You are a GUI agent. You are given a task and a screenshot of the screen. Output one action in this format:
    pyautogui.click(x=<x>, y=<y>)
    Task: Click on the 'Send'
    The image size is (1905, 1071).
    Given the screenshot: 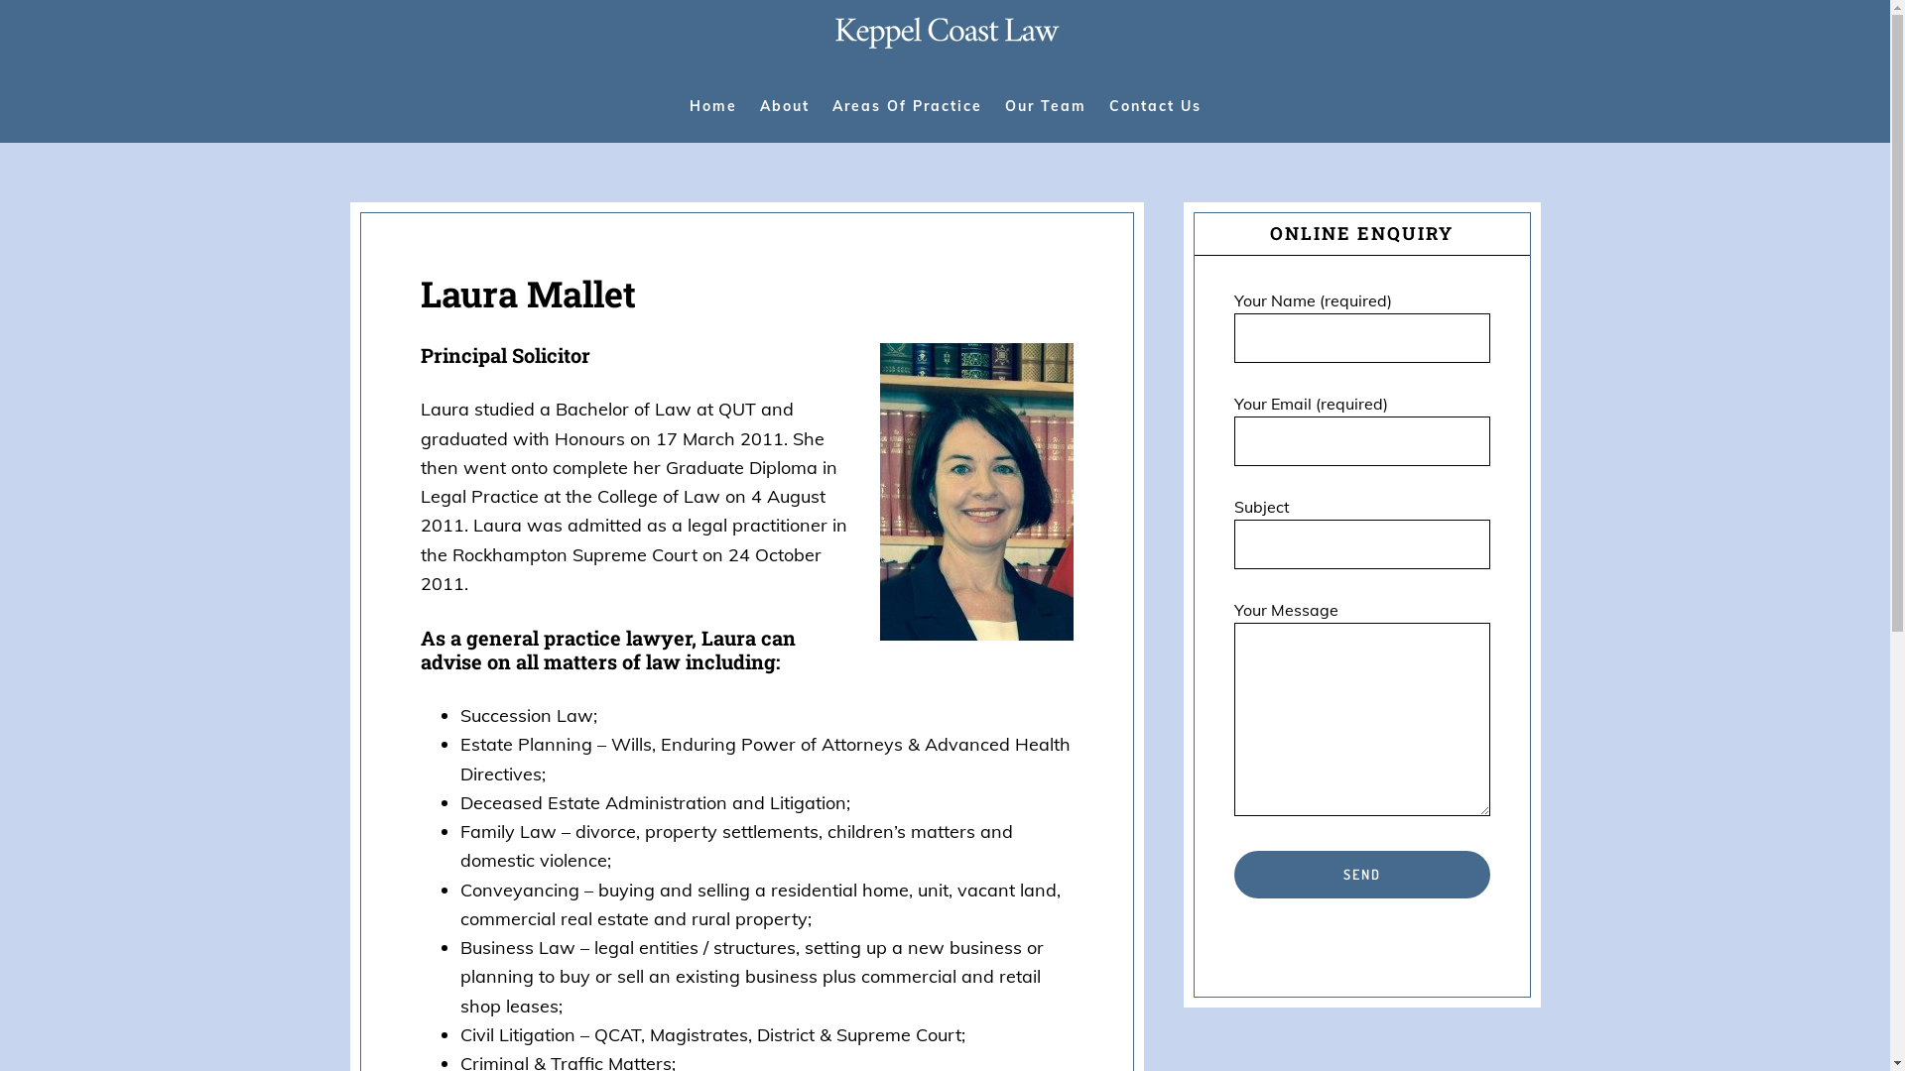 What is the action you would take?
    pyautogui.click(x=1360, y=874)
    